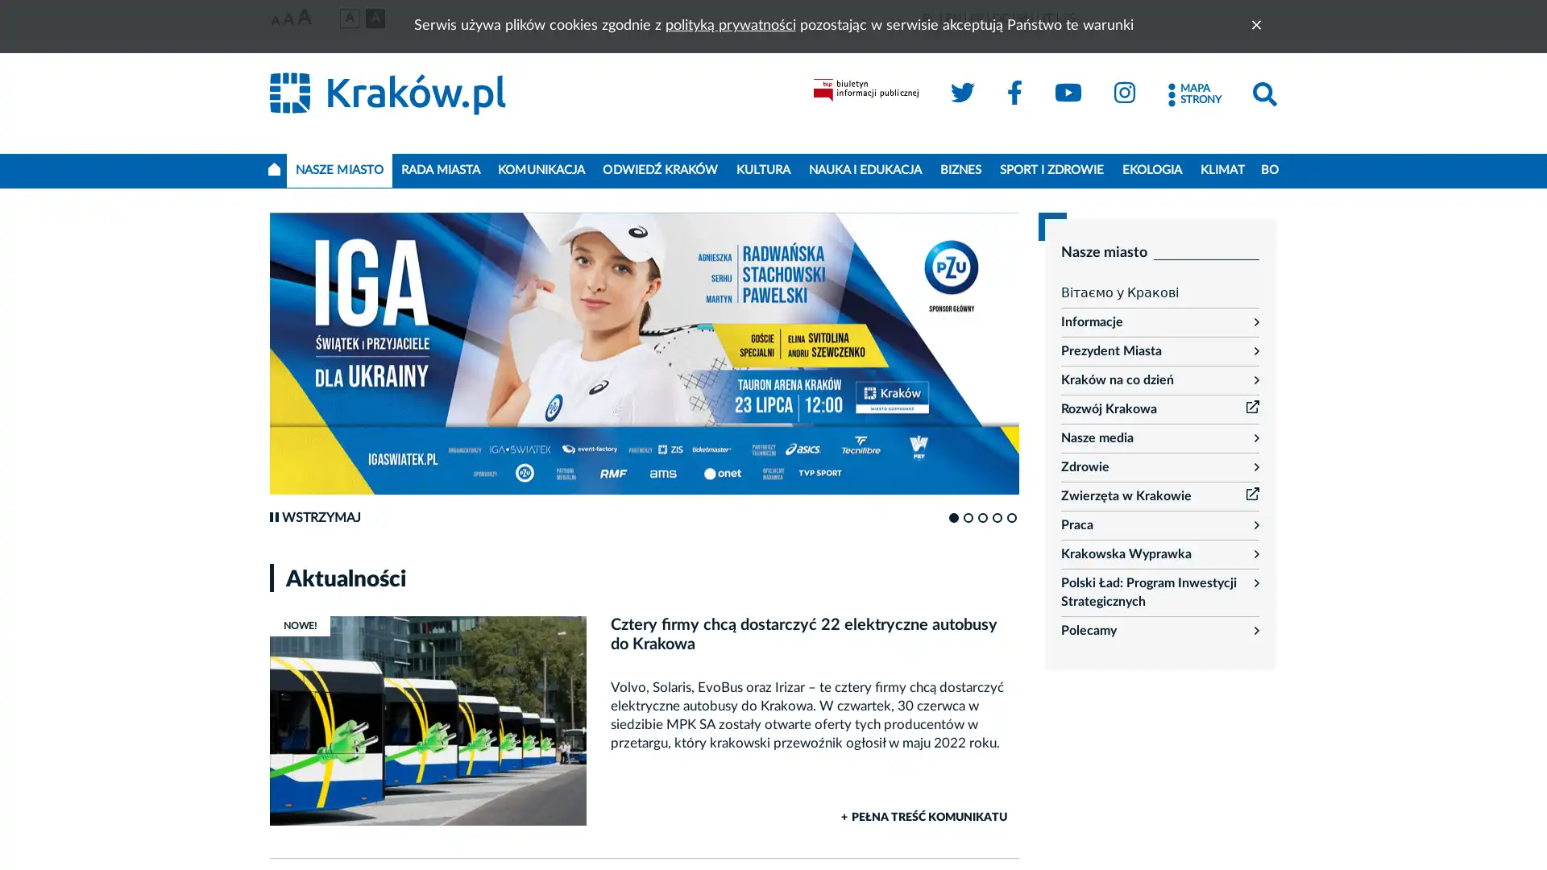 The height and width of the screenshot is (870, 1547). What do you see at coordinates (967, 518) in the screenshot?
I see `Go to slide 2` at bounding box center [967, 518].